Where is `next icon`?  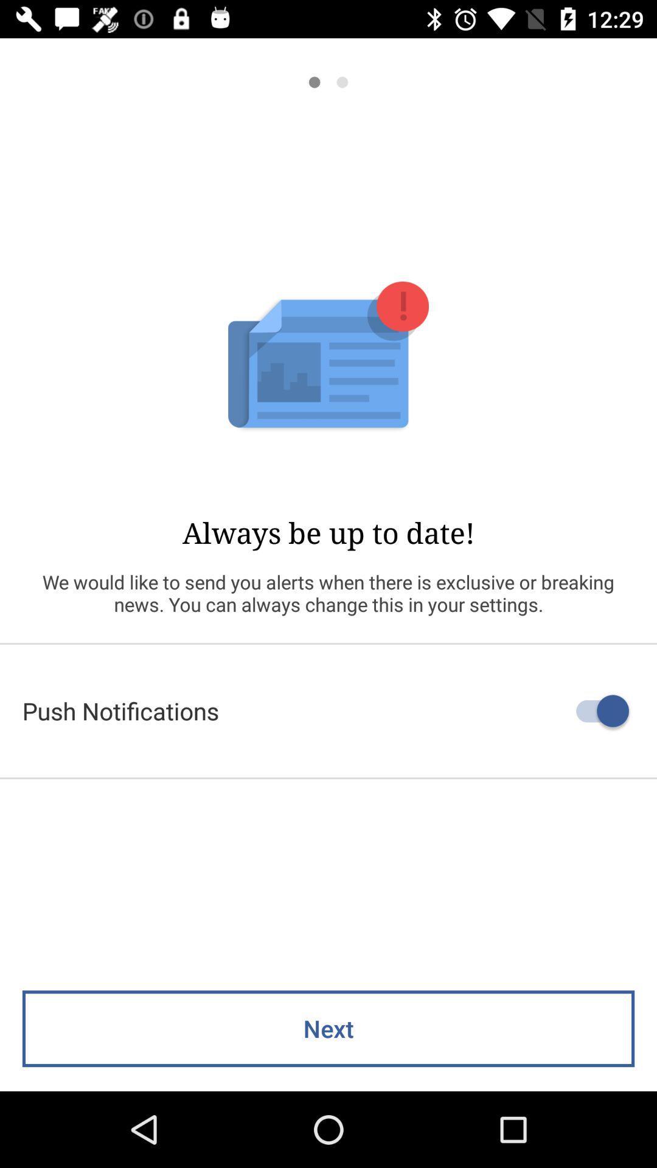
next icon is located at coordinates (328, 1028).